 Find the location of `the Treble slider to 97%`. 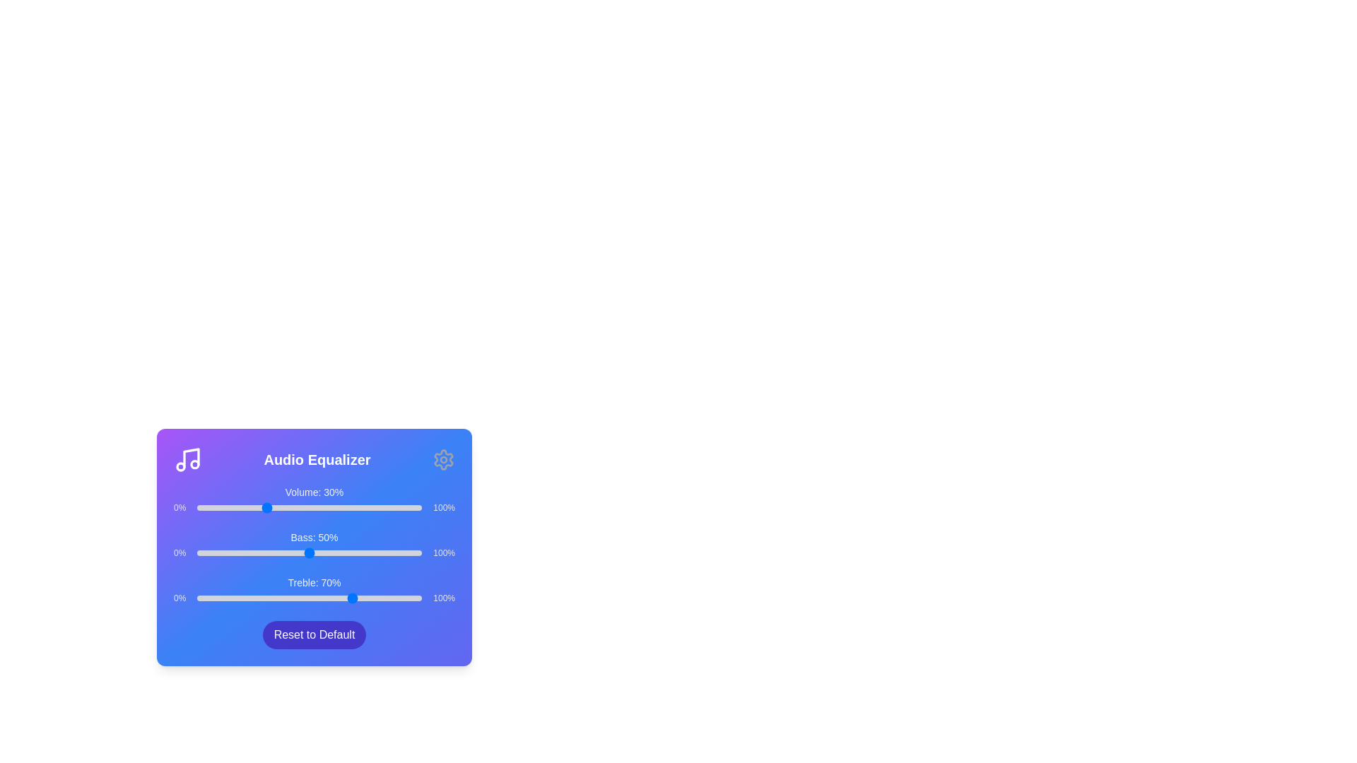

the Treble slider to 97% is located at coordinates (414, 598).